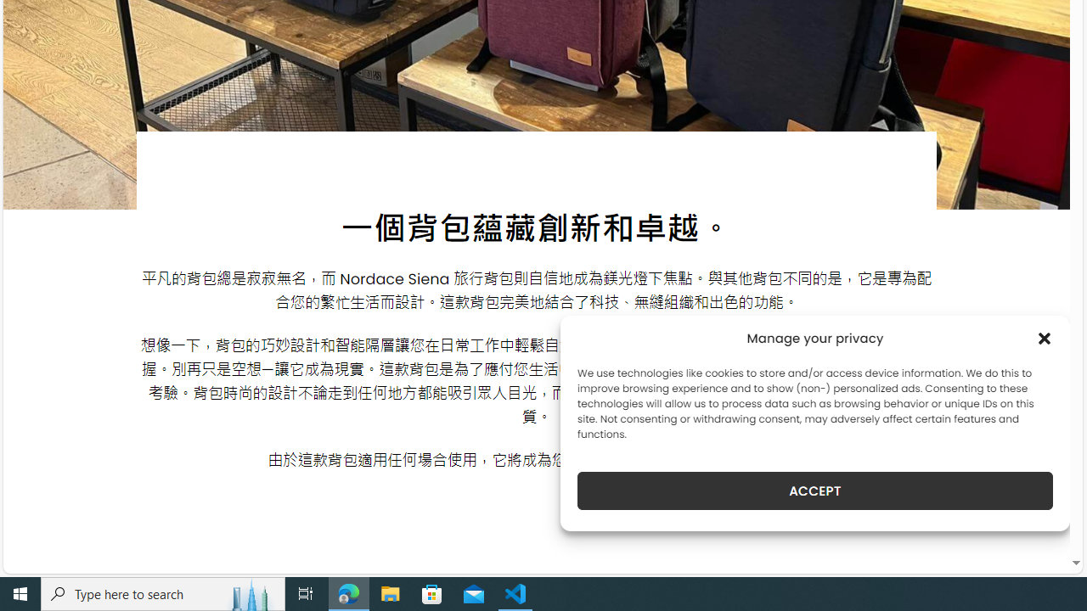  What do you see at coordinates (815, 490) in the screenshot?
I see `'ACCEPT'` at bounding box center [815, 490].